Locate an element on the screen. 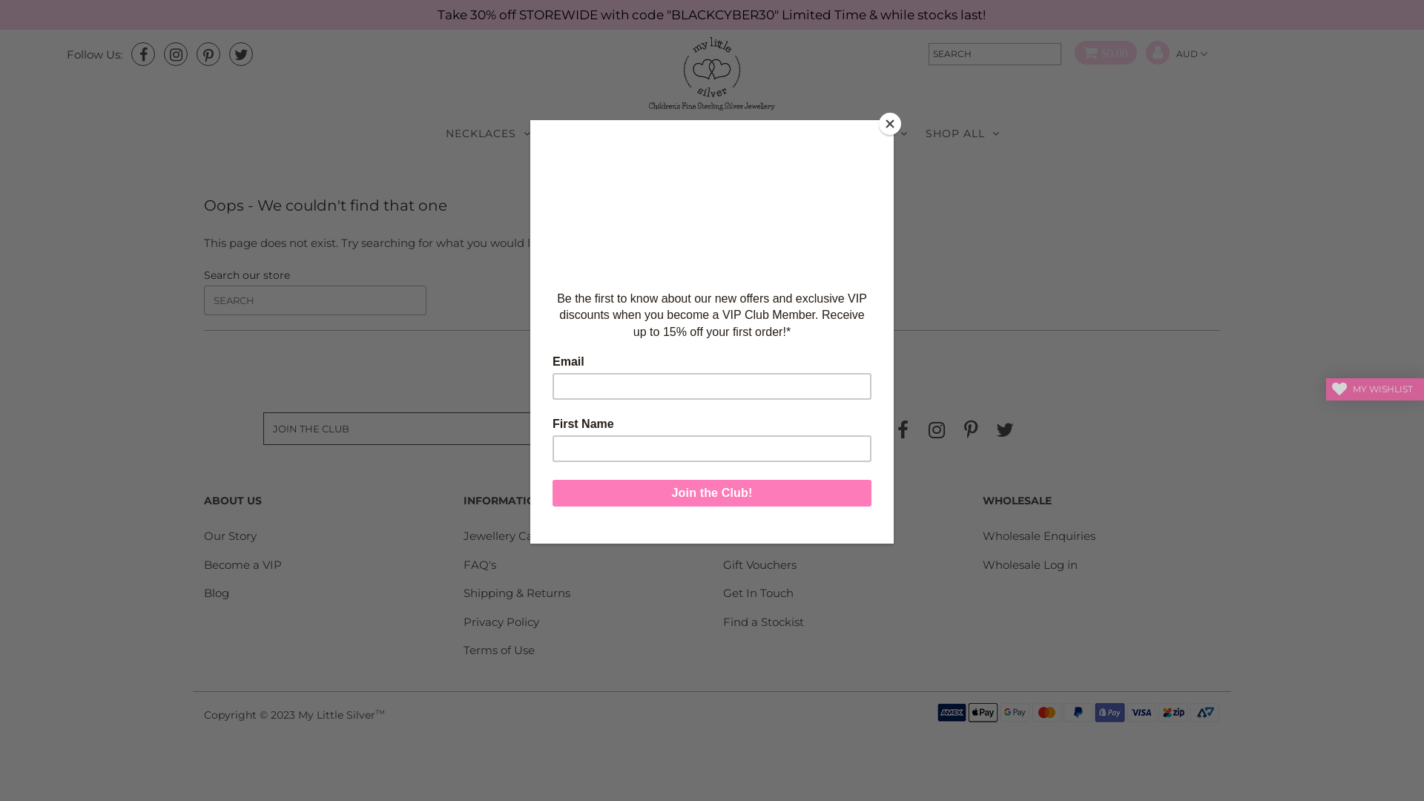  'Our Story' is located at coordinates (229, 535).